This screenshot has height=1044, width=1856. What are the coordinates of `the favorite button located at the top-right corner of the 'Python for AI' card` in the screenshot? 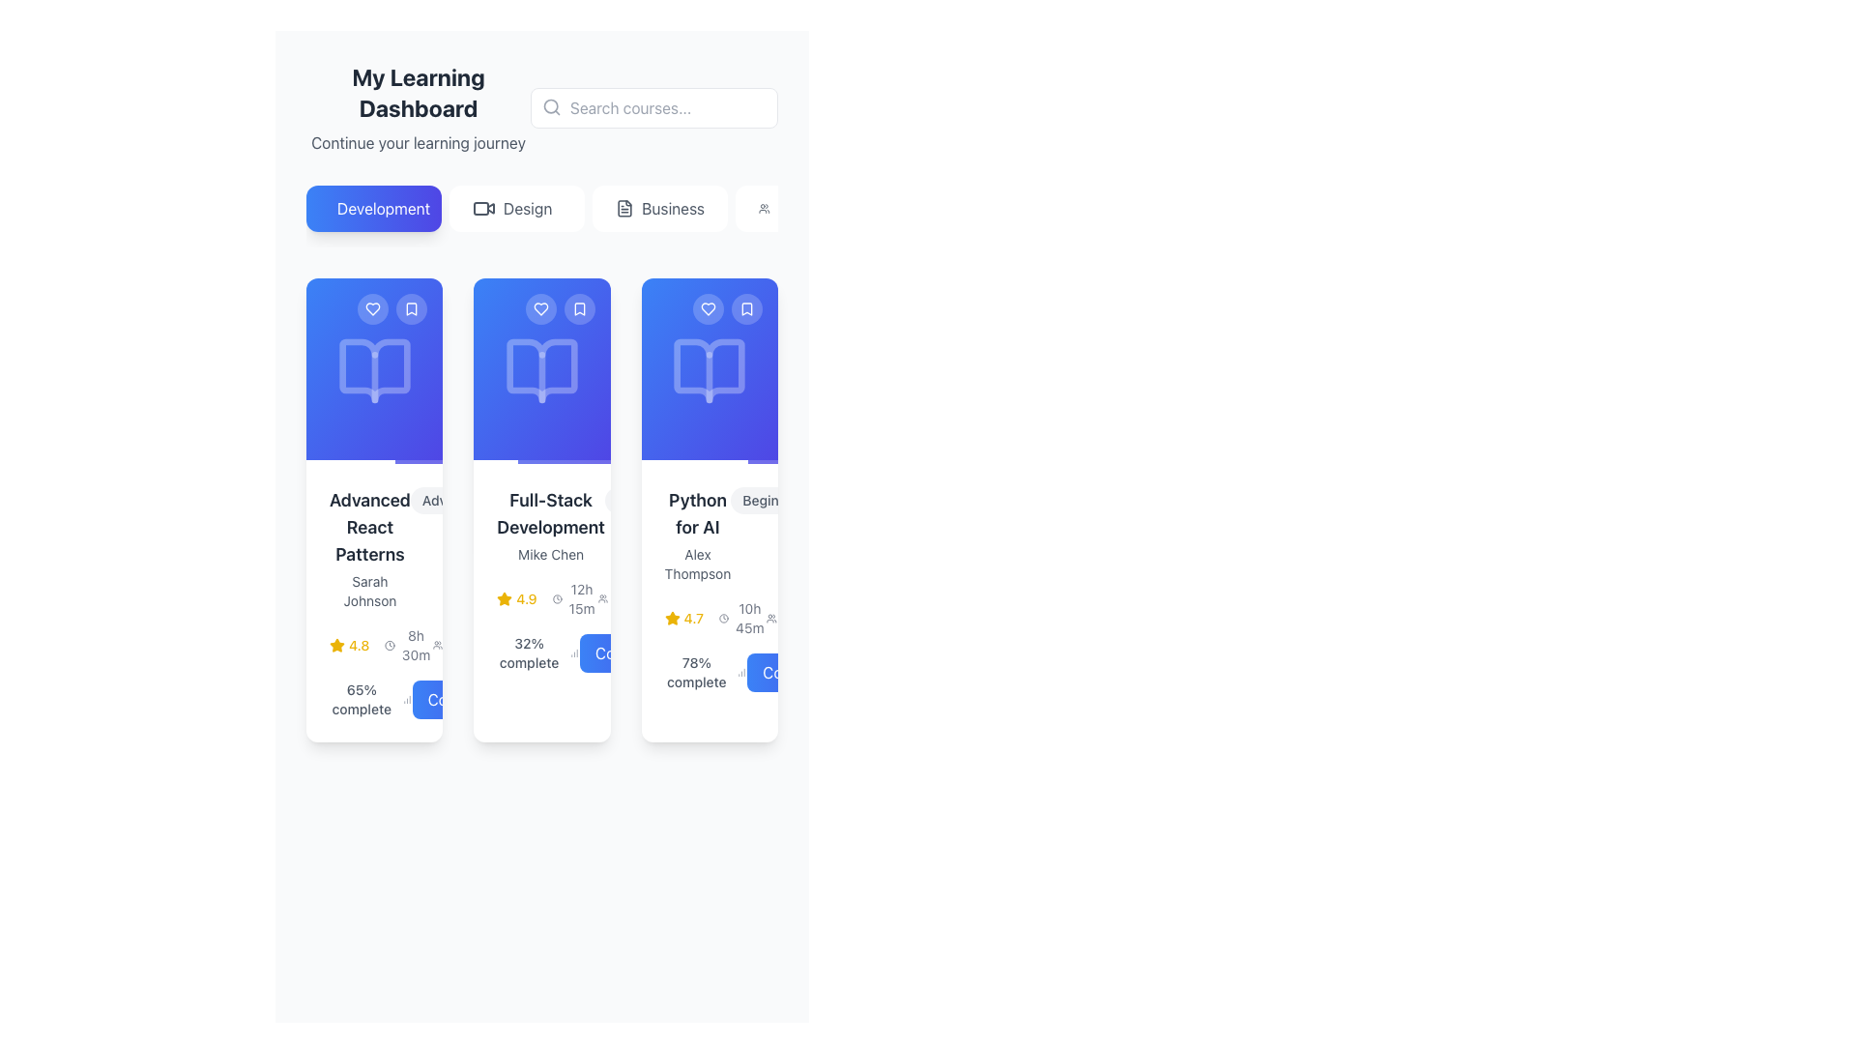 It's located at (708, 308).